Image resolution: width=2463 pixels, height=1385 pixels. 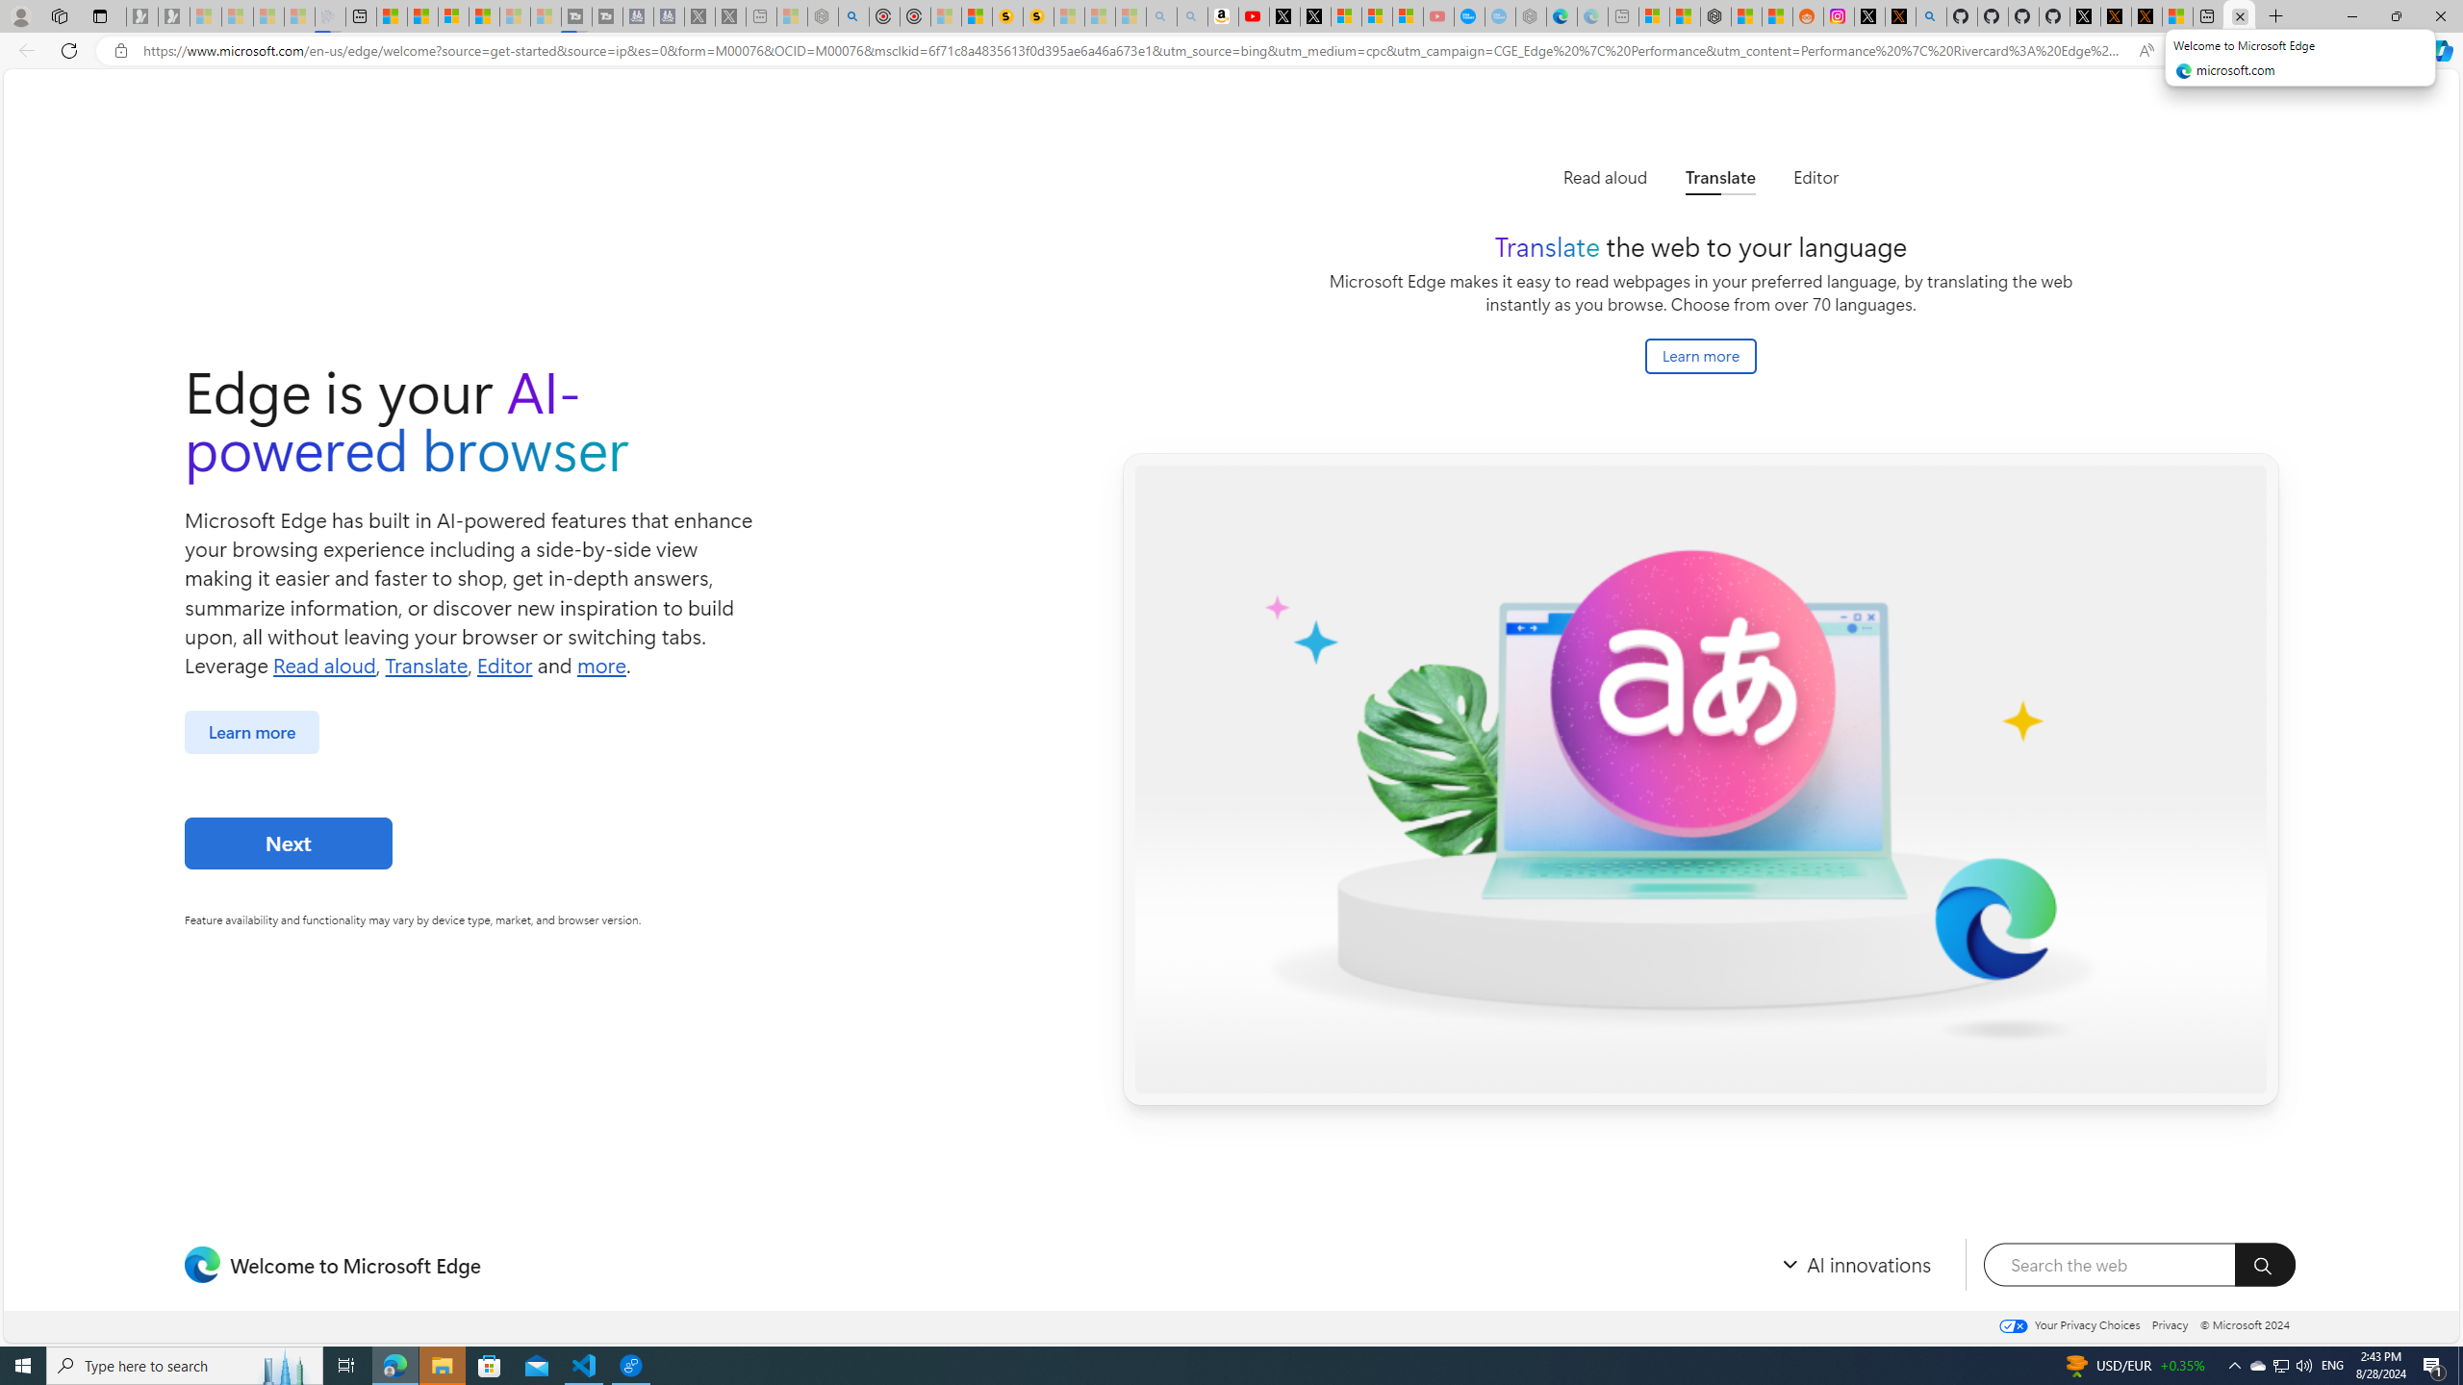 What do you see at coordinates (2146, 15) in the screenshot?
I see `'X Privacy Policy'` at bounding box center [2146, 15].